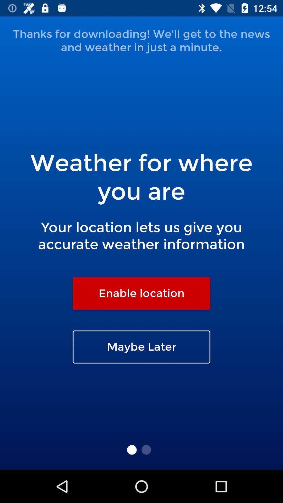  Describe the element at coordinates (141, 293) in the screenshot. I see `item below your location lets icon` at that location.